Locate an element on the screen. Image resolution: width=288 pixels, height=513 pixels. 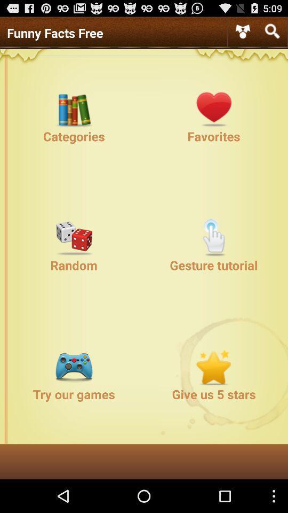
share is located at coordinates (243, 31).